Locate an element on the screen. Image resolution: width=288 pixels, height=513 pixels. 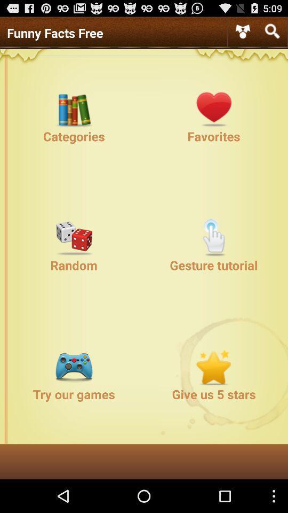
share is located at coordinates (243, 31).